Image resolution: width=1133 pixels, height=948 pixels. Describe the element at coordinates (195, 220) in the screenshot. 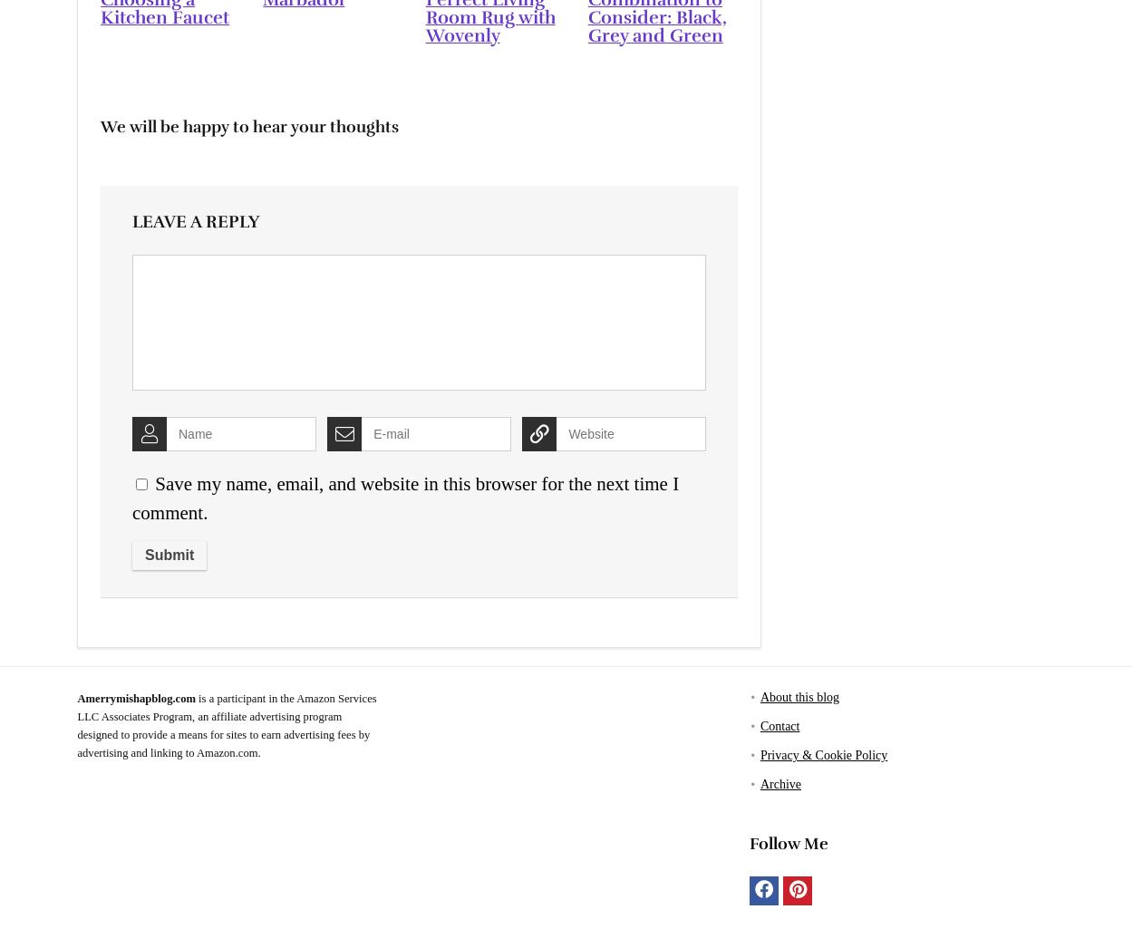

I see `'Leave a reply'` at that location.